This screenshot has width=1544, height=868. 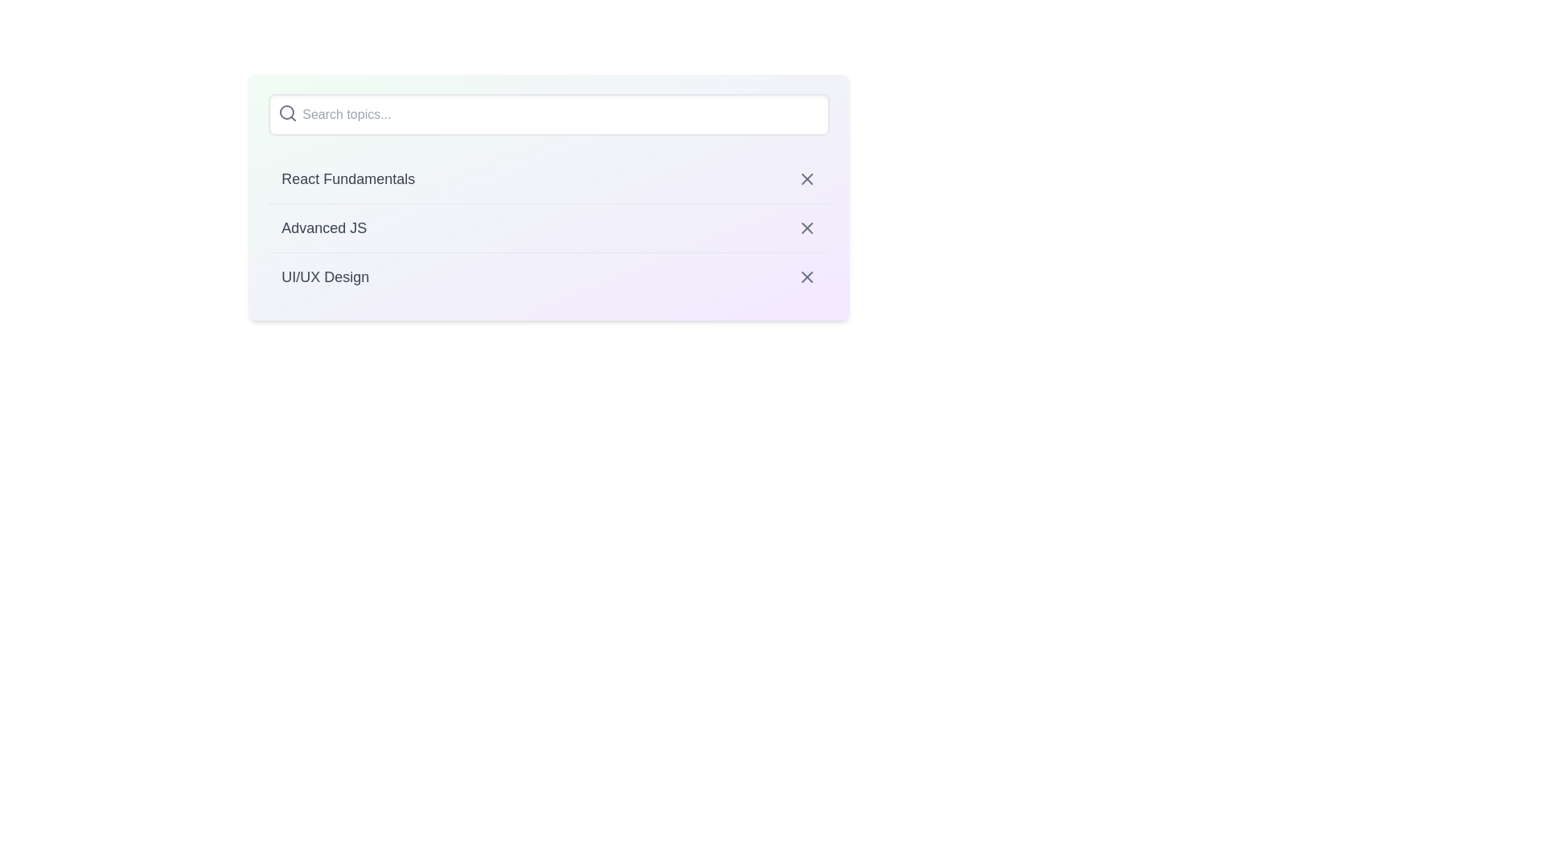 I want to click on the item with the title React Fundamentals from the list, so click(x=548, y=179).